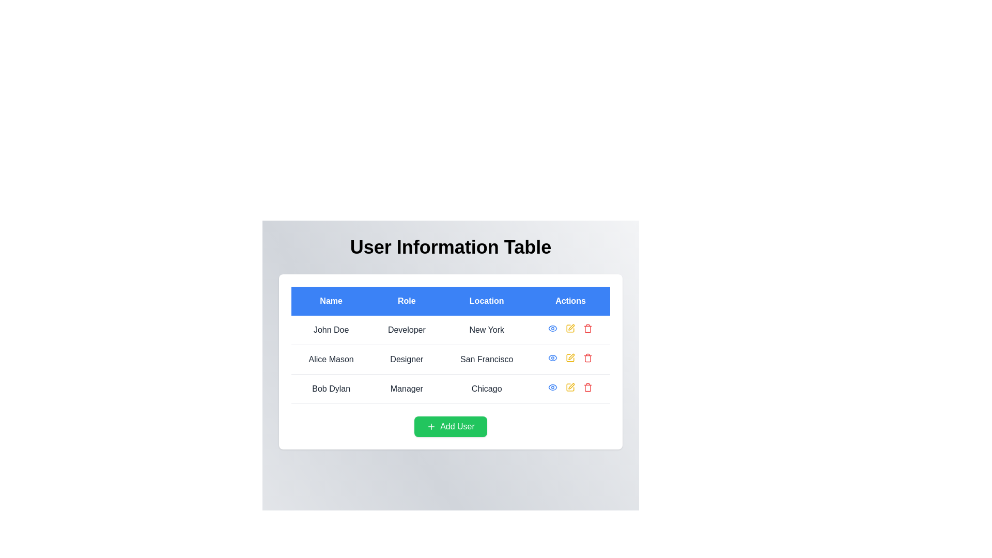  I want to click on the text display that shows 'Chicago' in bold, dark font within the user information table, located in the third data row associated with 'Bob Dylan', so click(486, 389).